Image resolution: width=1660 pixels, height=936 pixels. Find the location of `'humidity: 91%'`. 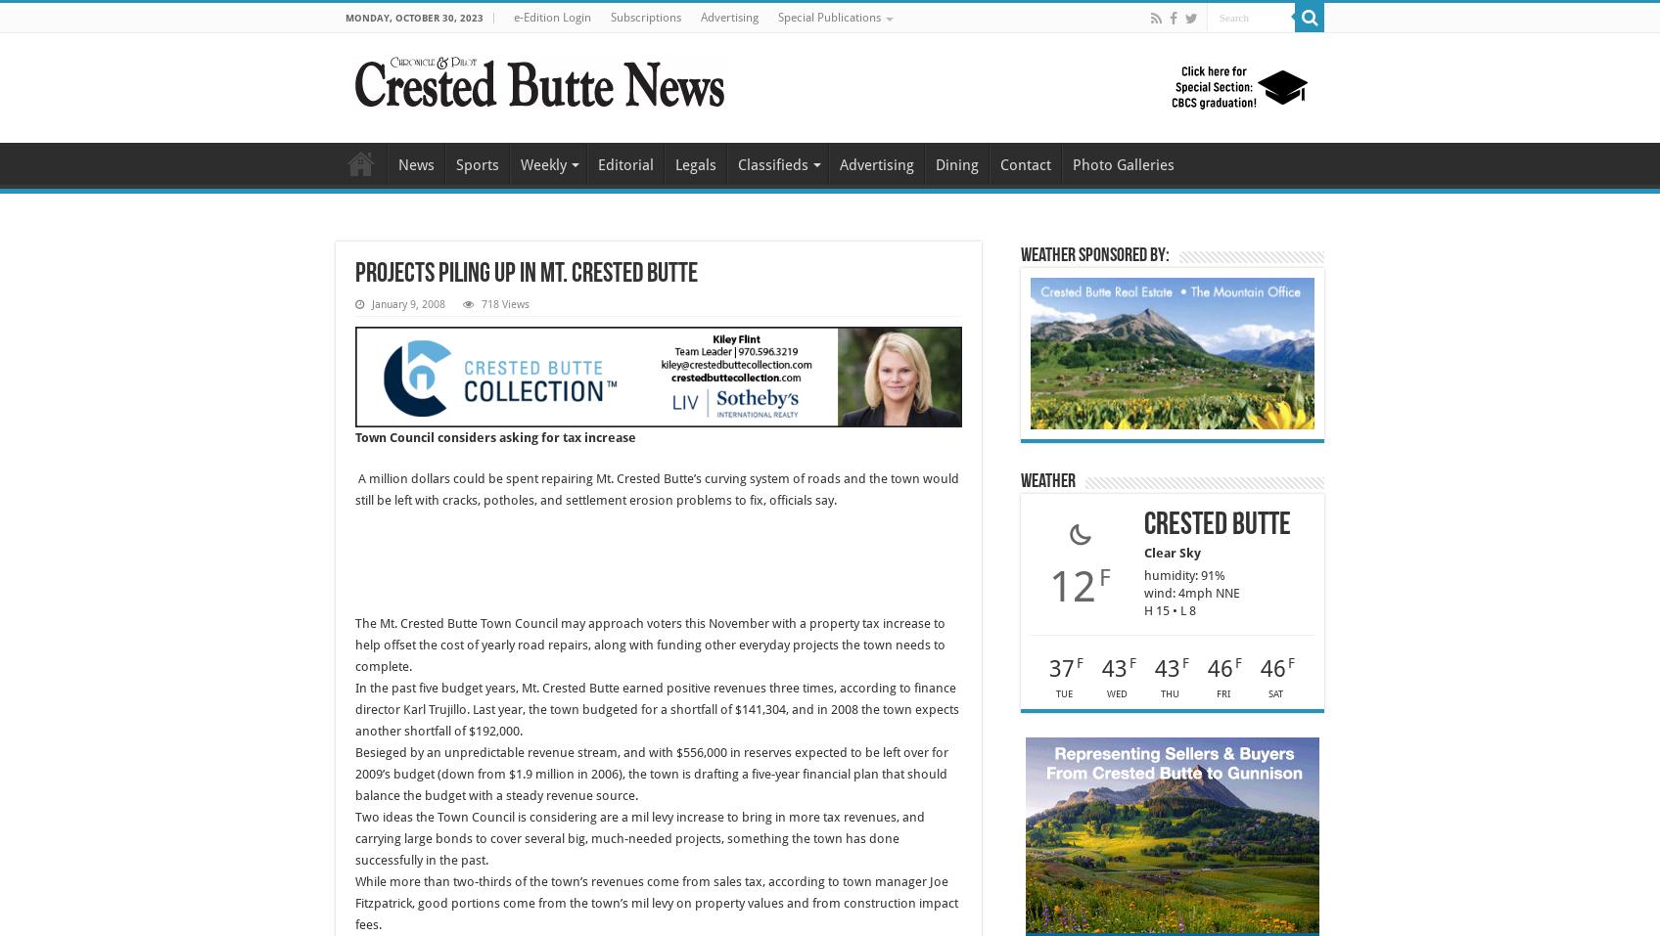

'humidity: 91%' is located at coordinates (1183, 574).